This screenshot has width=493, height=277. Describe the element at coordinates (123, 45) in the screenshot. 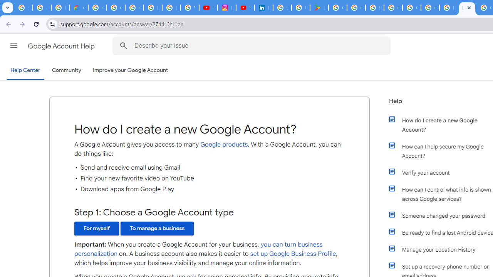

I see `'Search Help Center'` at that location.